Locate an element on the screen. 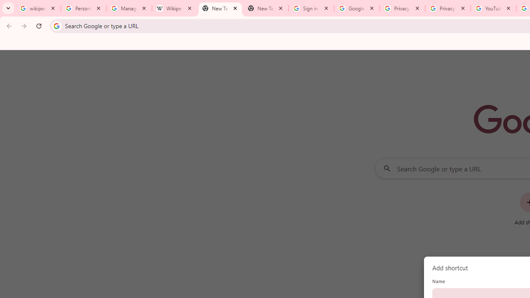 Image resolution: width=530 pixels, height=298 pixels. 'Personalization & Google Search results - Google Search Help' is located at coordinates (84, 8).